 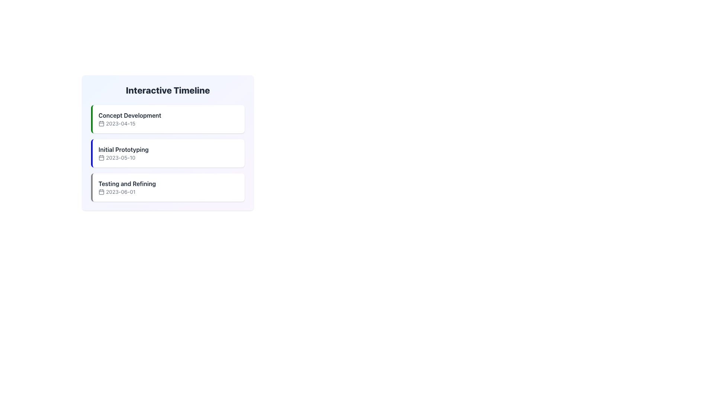 I want to click on date information from the Text label with an icon located below the 'Testing and Refining' title in the timeline, so click(x=127, y=191).